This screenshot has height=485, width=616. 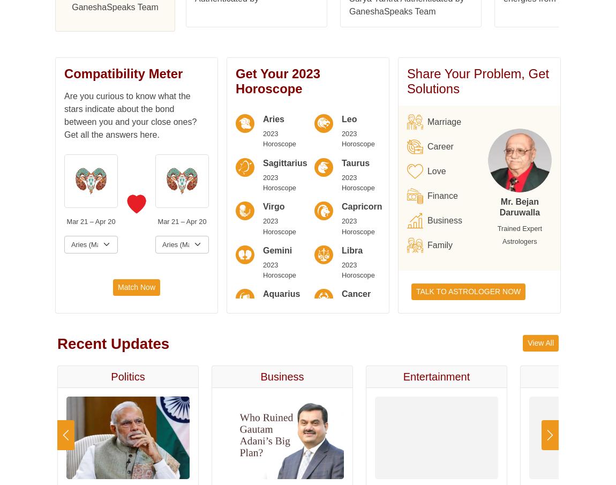 What do you see at coordinates (72, 31) in the screenshot?
I see `'Aquarius'` at bounding box center [72, 31].